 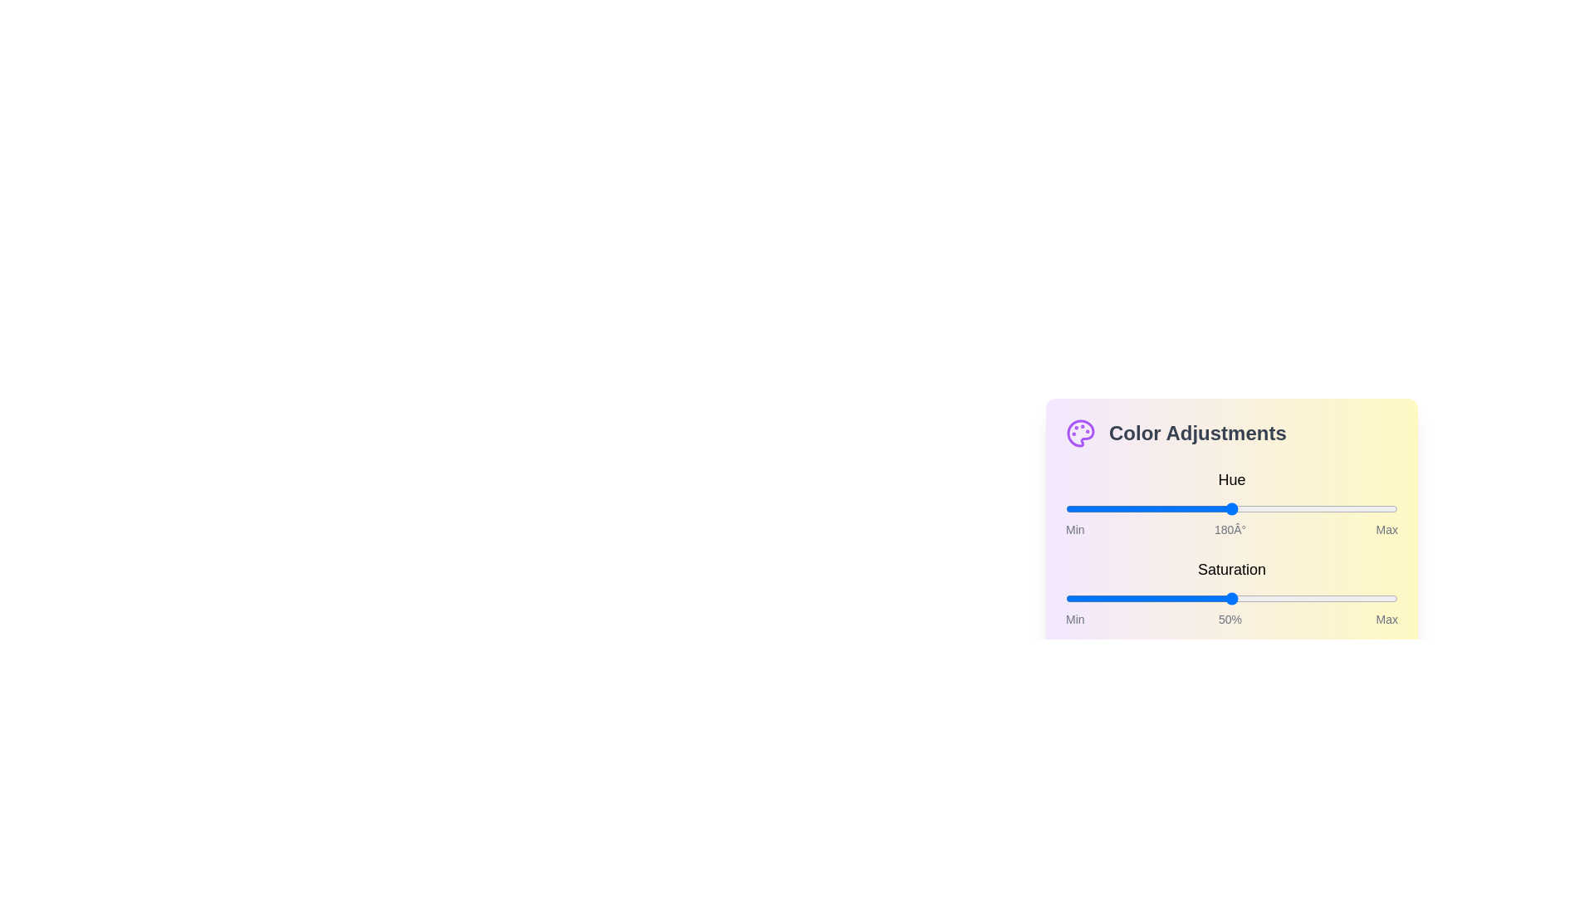 What do you see at coordinates (1151, 599) in the screenshot?
I see `the saturation slider to 26` at bounding box center [1151, 599].